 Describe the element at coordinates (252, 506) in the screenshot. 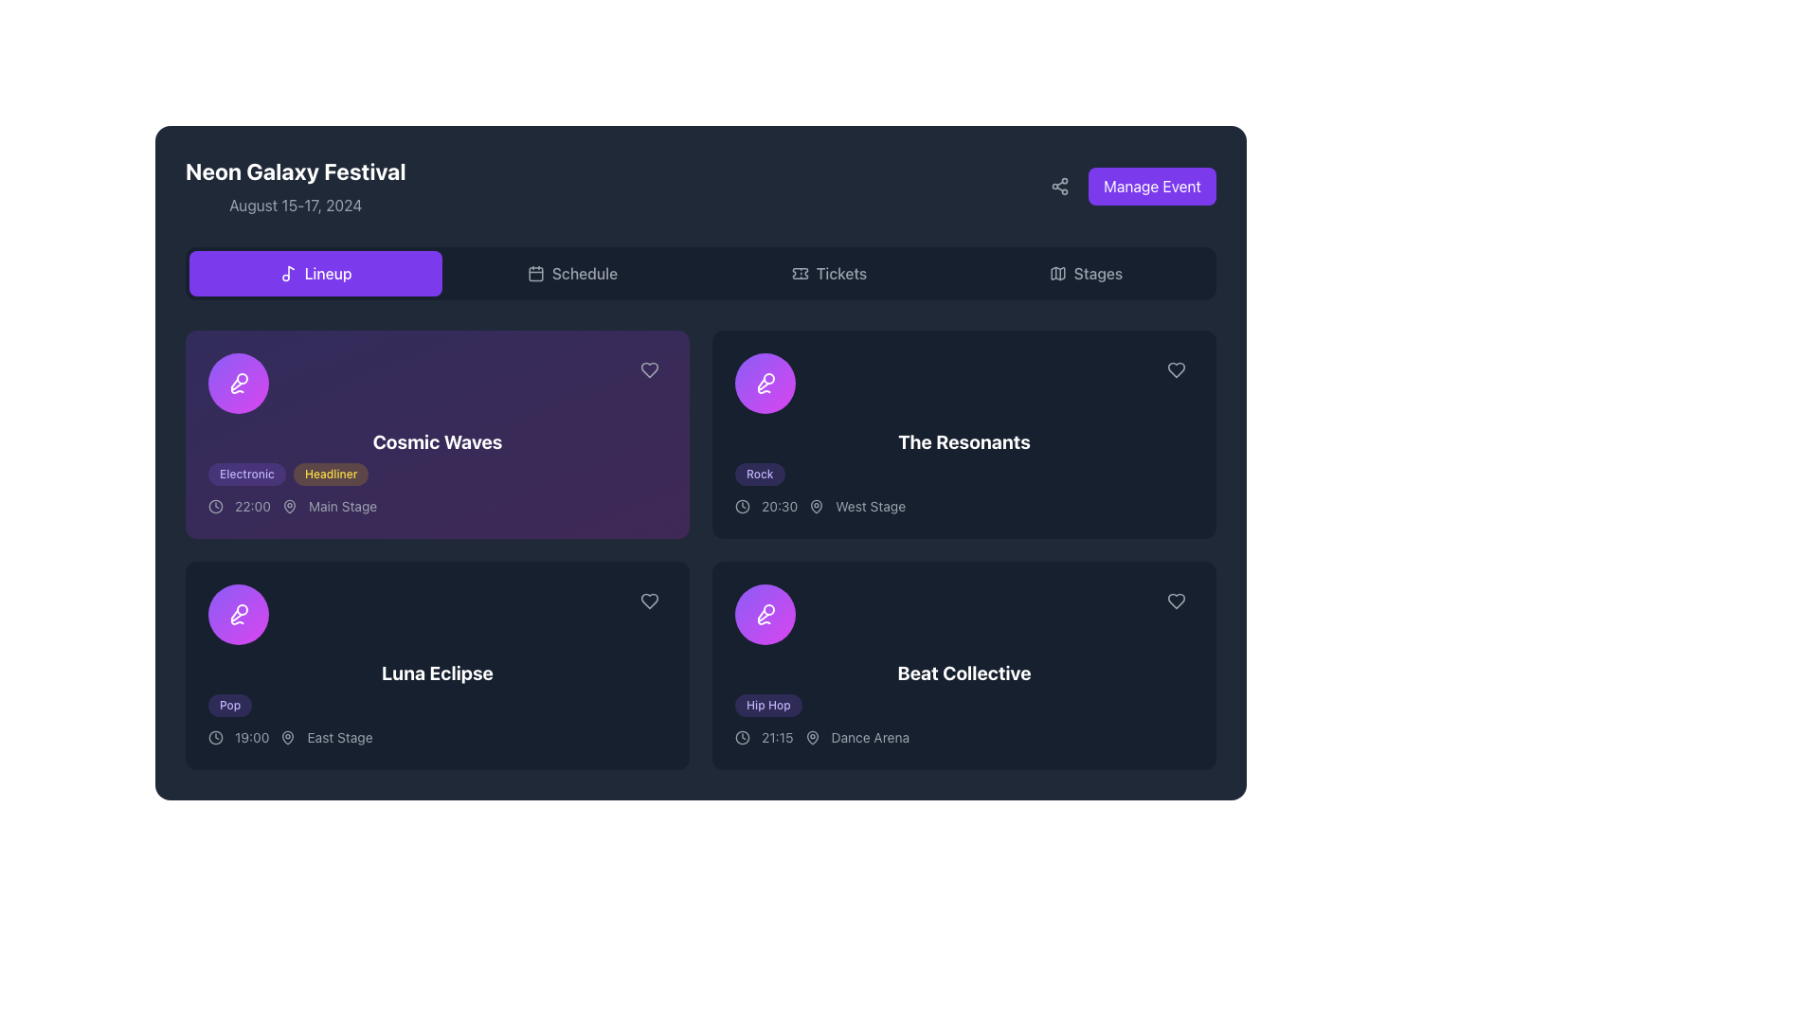

I see `time information displayed in the Text label for the 'Cosmic Waves' event, located within the event card to the right of the clock icon` at that location.